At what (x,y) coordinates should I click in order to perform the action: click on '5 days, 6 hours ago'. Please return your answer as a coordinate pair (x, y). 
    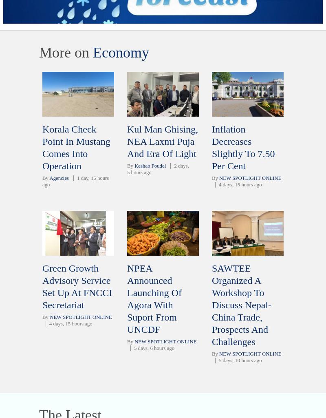
    Looking at the image, I should click on (133, 348).